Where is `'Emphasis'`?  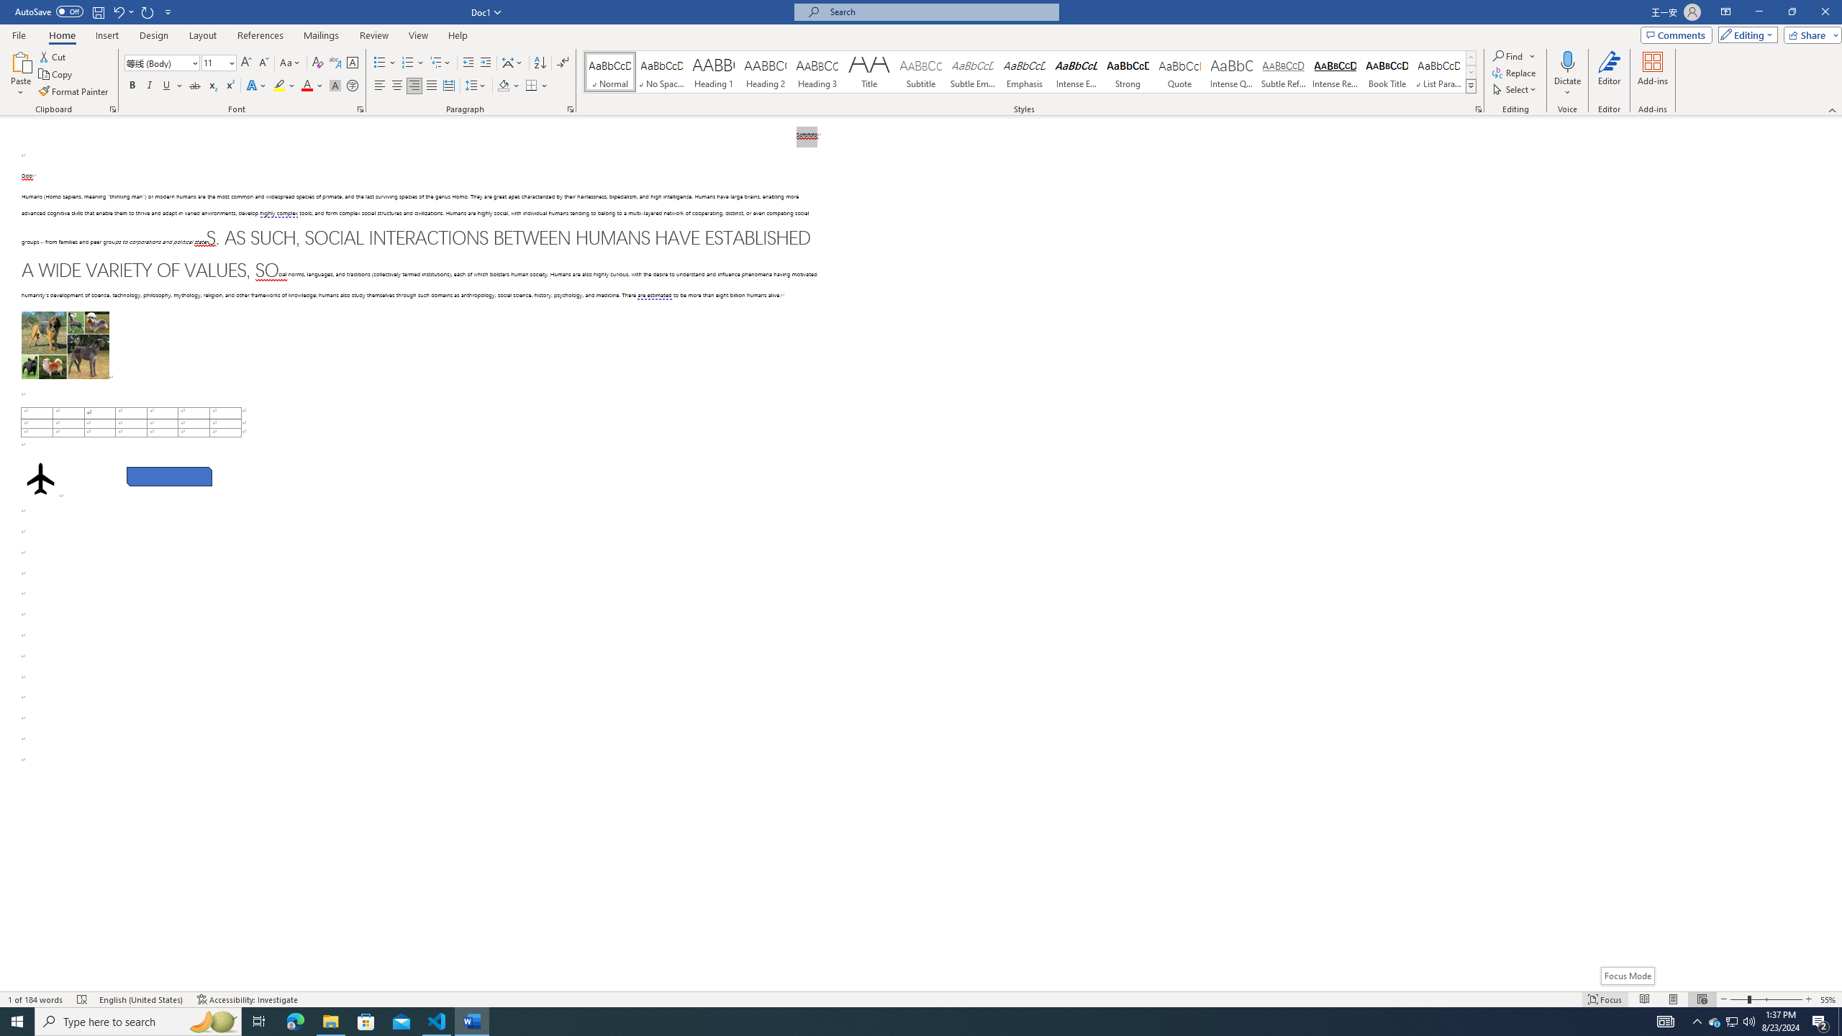 'Emphasis' is located at coordinates (1023, 71).